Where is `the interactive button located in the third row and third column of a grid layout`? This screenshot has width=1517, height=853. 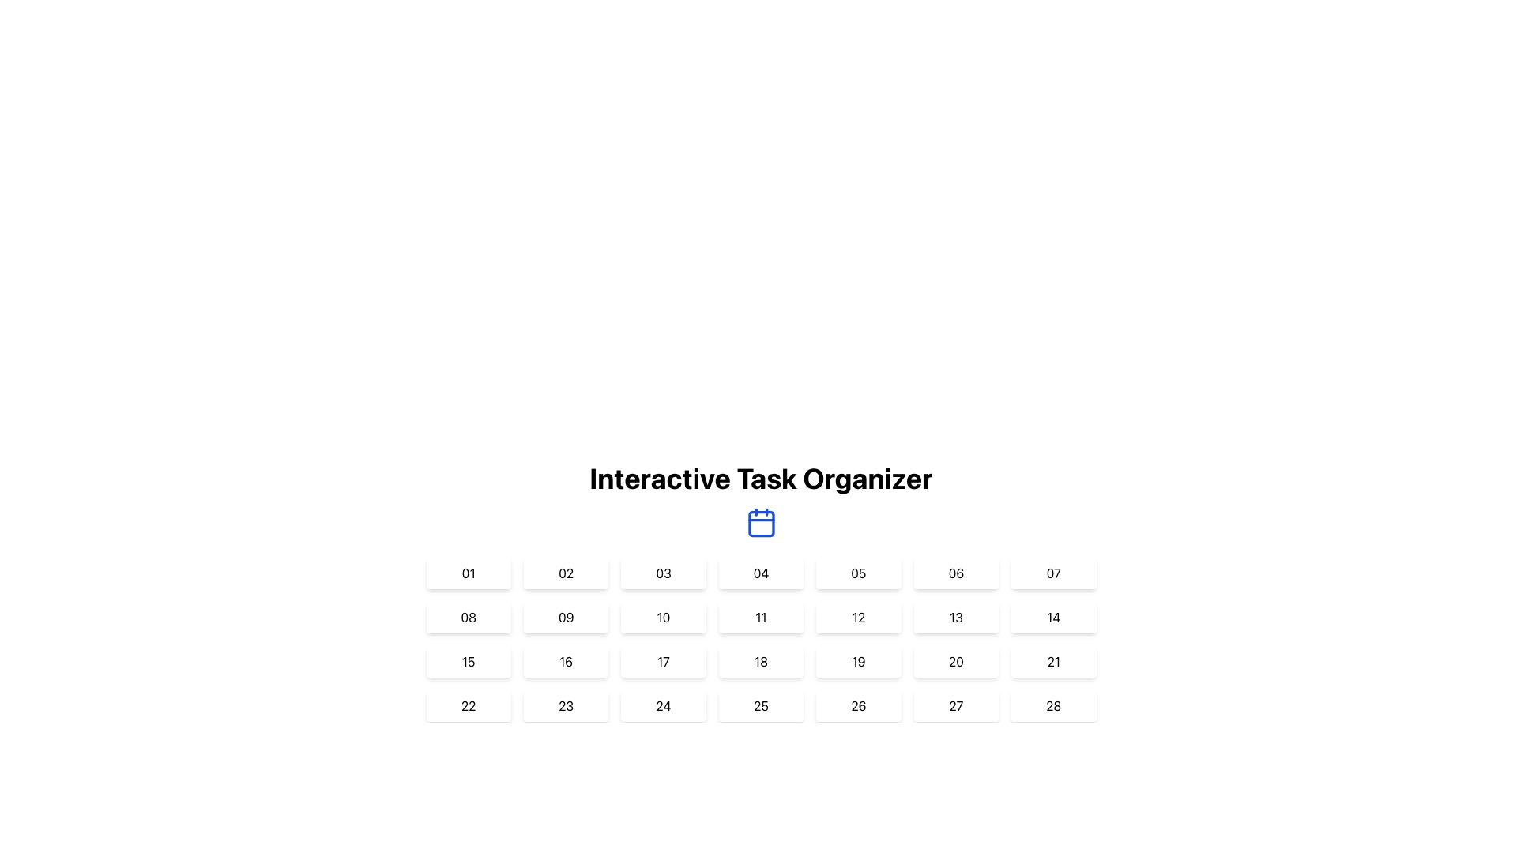 the interactive button located in the third row and third column of a grid layout is located at coordinates (664, 661).